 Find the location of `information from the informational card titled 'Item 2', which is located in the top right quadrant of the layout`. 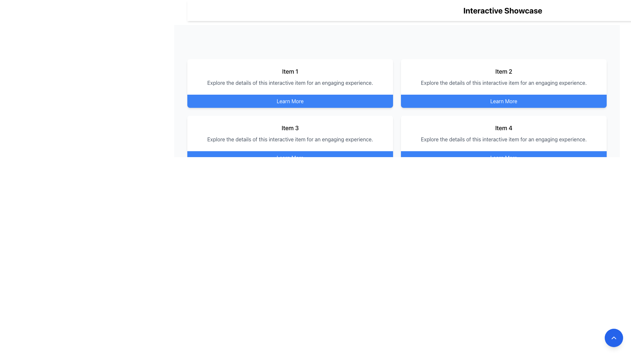

information from the informational card titled 'Item 2', which is located in the top right quadrant of the layout is located at coordinates (503, 77).